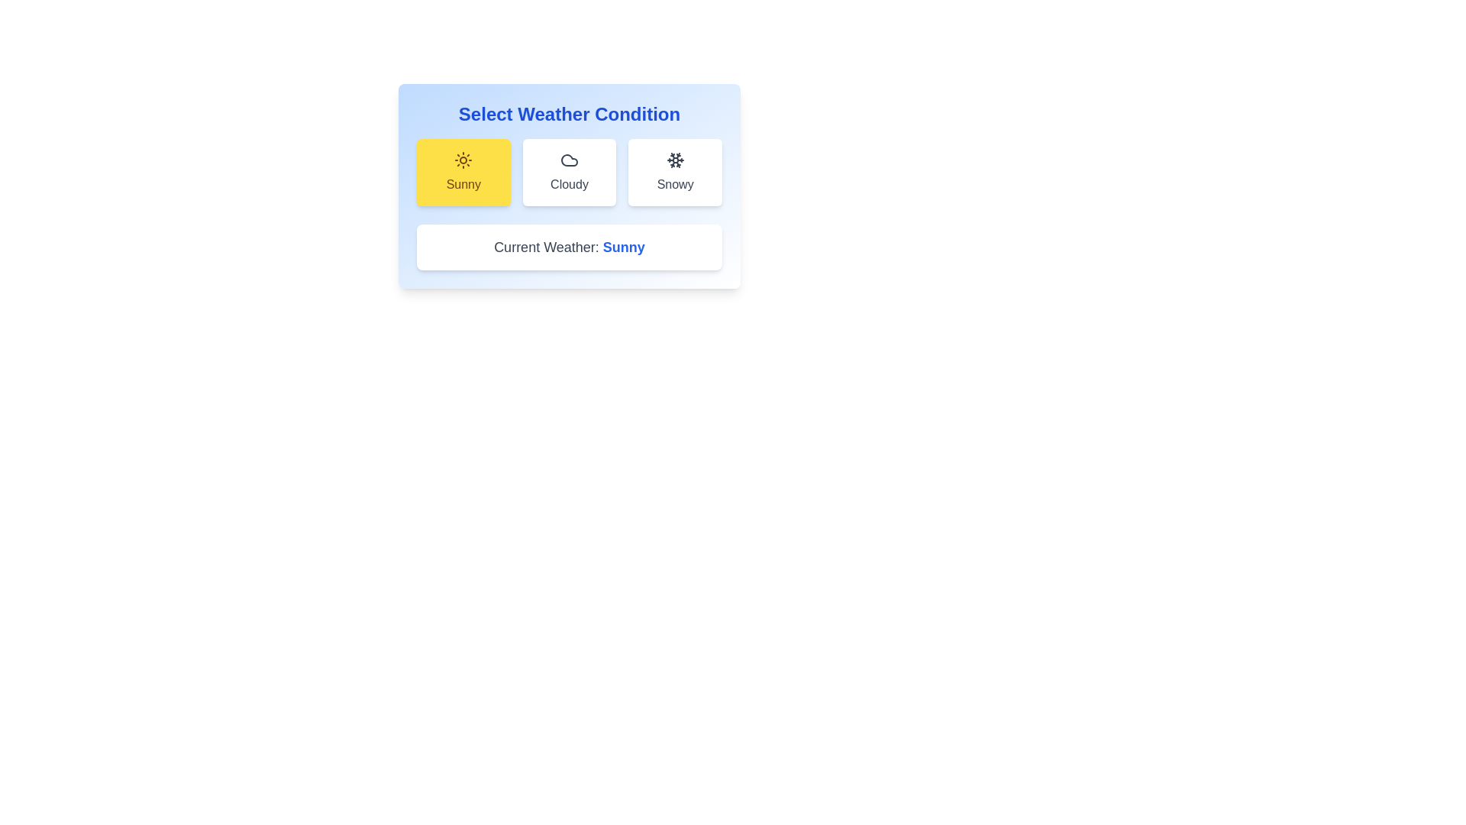 The width and height of the screenshot is (1466, 825). Describe the element at coordinates (674, 160) in the screenshot. I see `the snowy weather icon located to the far right of the three-item horizontal weather selection group` at that location.